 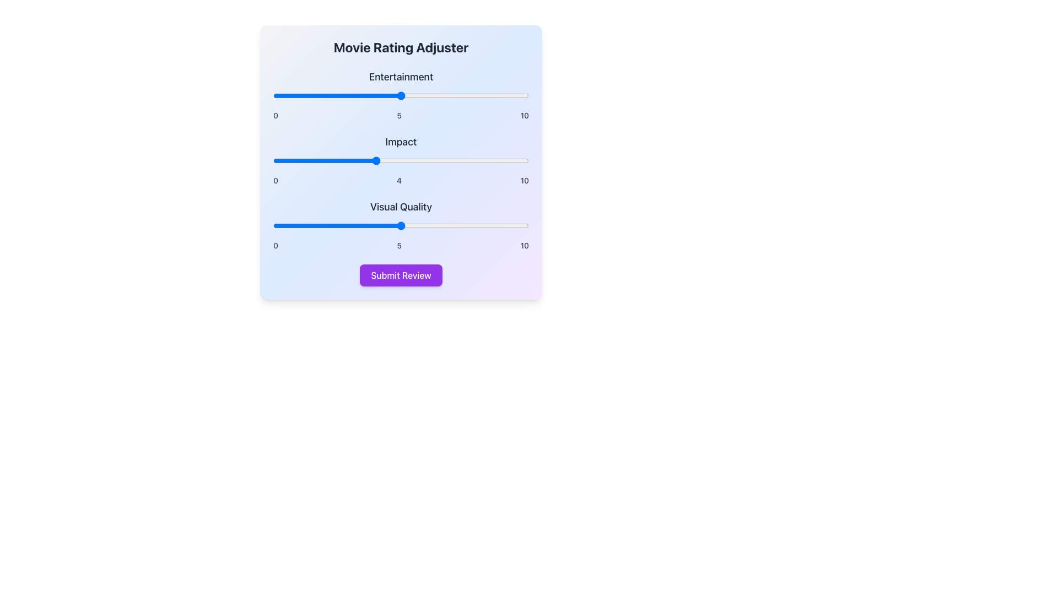 I want to click on the Impact rating slider, so click(x=323, y=161).